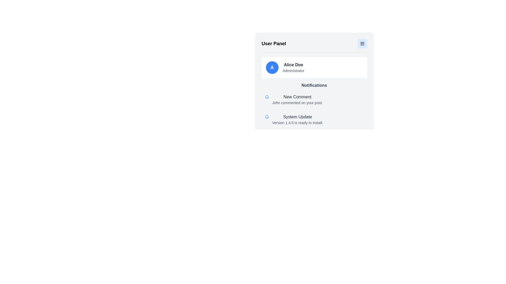 Image resolution: width=506 pixels, height=284 pixels. I want to click on the notification icon indicating 'System Update Version 1.4.5 is ready to install.', so click(267, 116).